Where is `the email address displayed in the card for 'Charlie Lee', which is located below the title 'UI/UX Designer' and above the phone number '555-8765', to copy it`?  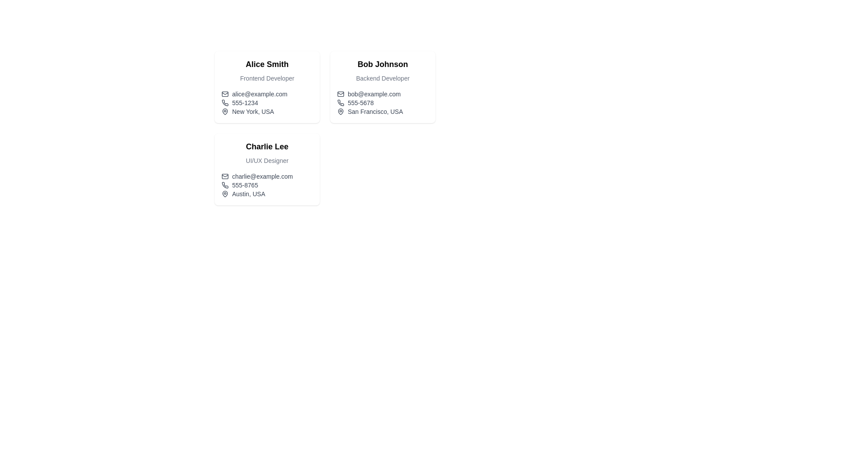 the email address displayed in the card for 'Charlie Lee', which is located below the title 'UI/UX Designer' and above the phone number '555-8765', to copy it is located at coordinates (266, 176).